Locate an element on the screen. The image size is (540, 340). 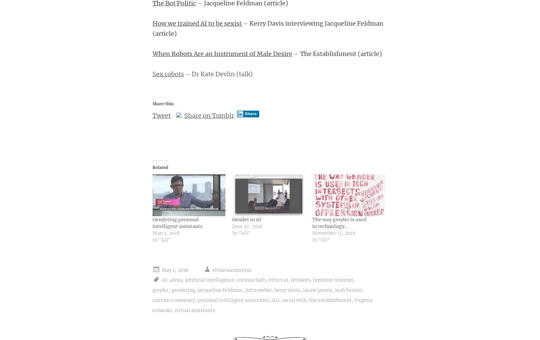
'Share this:' is located at coordinates (163, 104).